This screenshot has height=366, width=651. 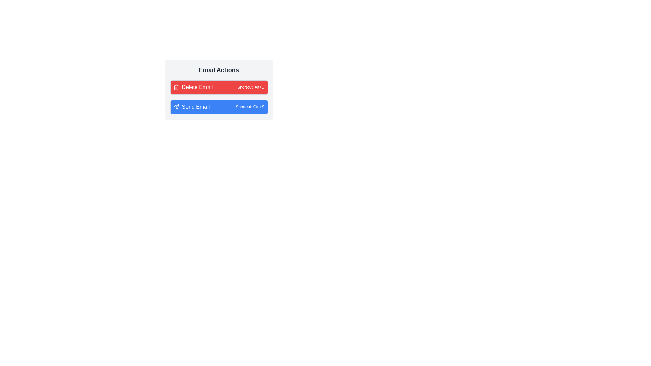 What do you see at coordinates (219, 70) in the screenshot?
I see `the text label header that indicates the purpose of the section, grouping the 'Delete Email' and 'Send Email' actions beneath it` at bounding box center [219, 70].